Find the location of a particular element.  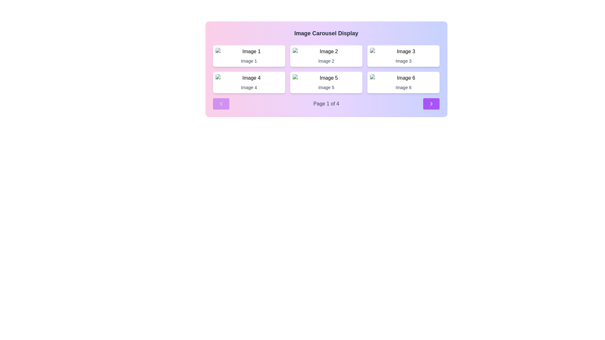

the image thumbnail labeled 'Image 6', which has rounded corners and is located in the second row, third column of a 2x3 grid layout is located at coordinates (403, 77).